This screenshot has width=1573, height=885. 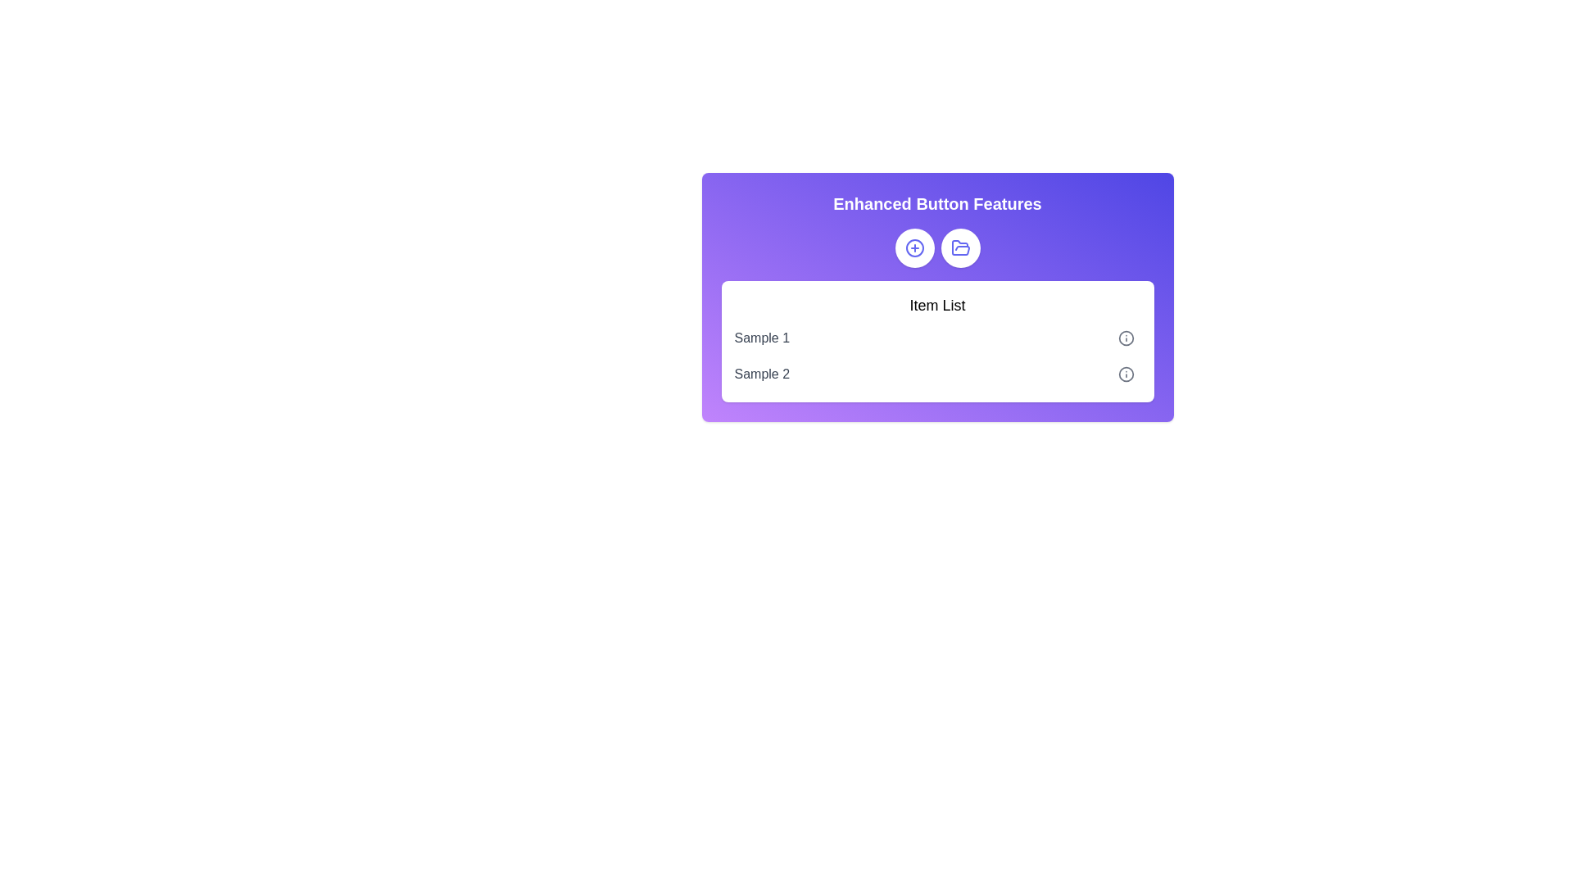 I want to click on the text label reading 'Sample 2' which is styled in dark gray and located within a white rectangular area, positioned below 'Sample 1', so click(x=761, y=374).